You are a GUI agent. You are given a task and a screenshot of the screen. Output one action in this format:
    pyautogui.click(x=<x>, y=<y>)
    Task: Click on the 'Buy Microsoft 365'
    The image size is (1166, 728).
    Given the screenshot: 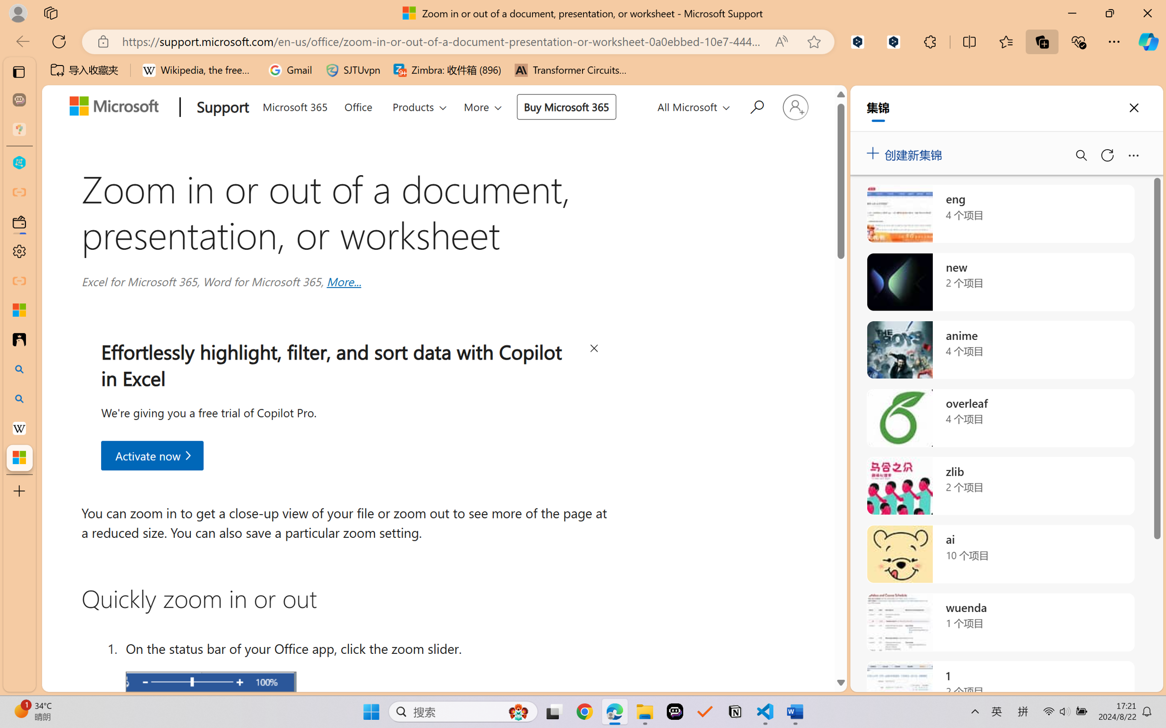 What is the action you would take?
    pyautogui.click(x=565, y=106)
    